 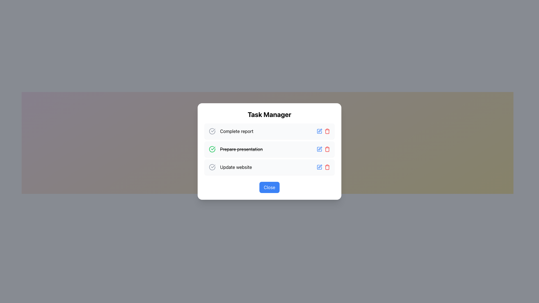 I want to click on the 'edit' button located in the bottom row of the task list for the 'Update website' task, so click(x=319, y=167).